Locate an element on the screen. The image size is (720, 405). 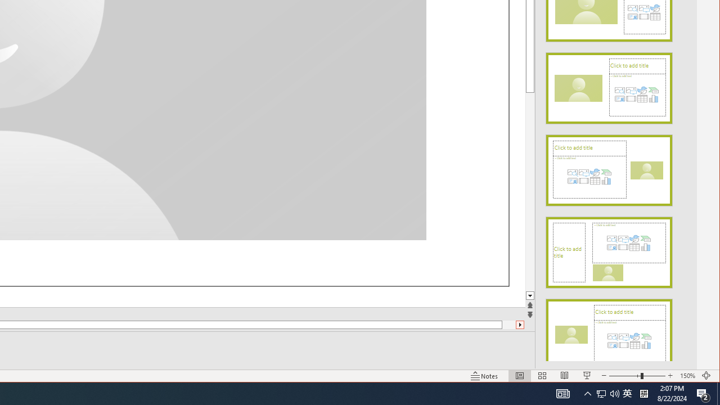
'Design Idea' is located at coordinates (608, 330).